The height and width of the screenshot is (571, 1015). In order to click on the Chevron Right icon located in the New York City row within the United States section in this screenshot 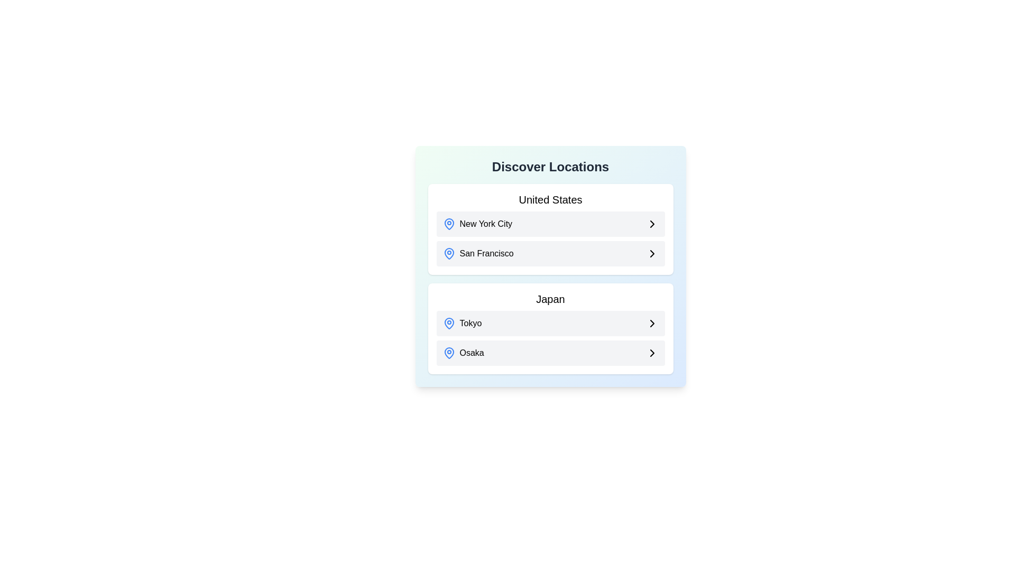, I will do `click(651, 224)`.